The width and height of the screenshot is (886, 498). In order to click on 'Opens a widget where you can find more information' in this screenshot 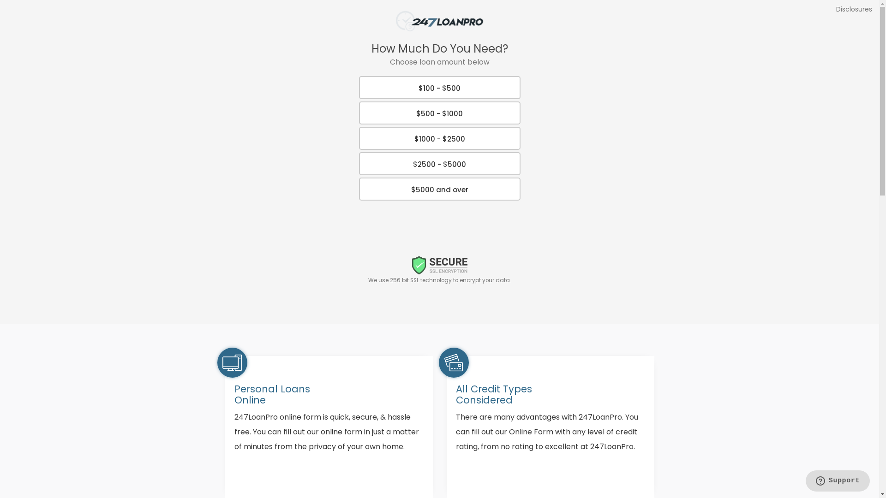, I will do `click(837, 481)`.